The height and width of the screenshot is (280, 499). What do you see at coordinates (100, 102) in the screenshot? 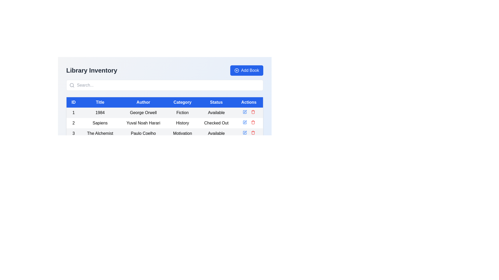
I see `the Table Header Cell labeled 'Title', which is the second column header in a table with a blue background and white text, positioned between 'ID' and 'Author'` at bounding box center [100, 102].